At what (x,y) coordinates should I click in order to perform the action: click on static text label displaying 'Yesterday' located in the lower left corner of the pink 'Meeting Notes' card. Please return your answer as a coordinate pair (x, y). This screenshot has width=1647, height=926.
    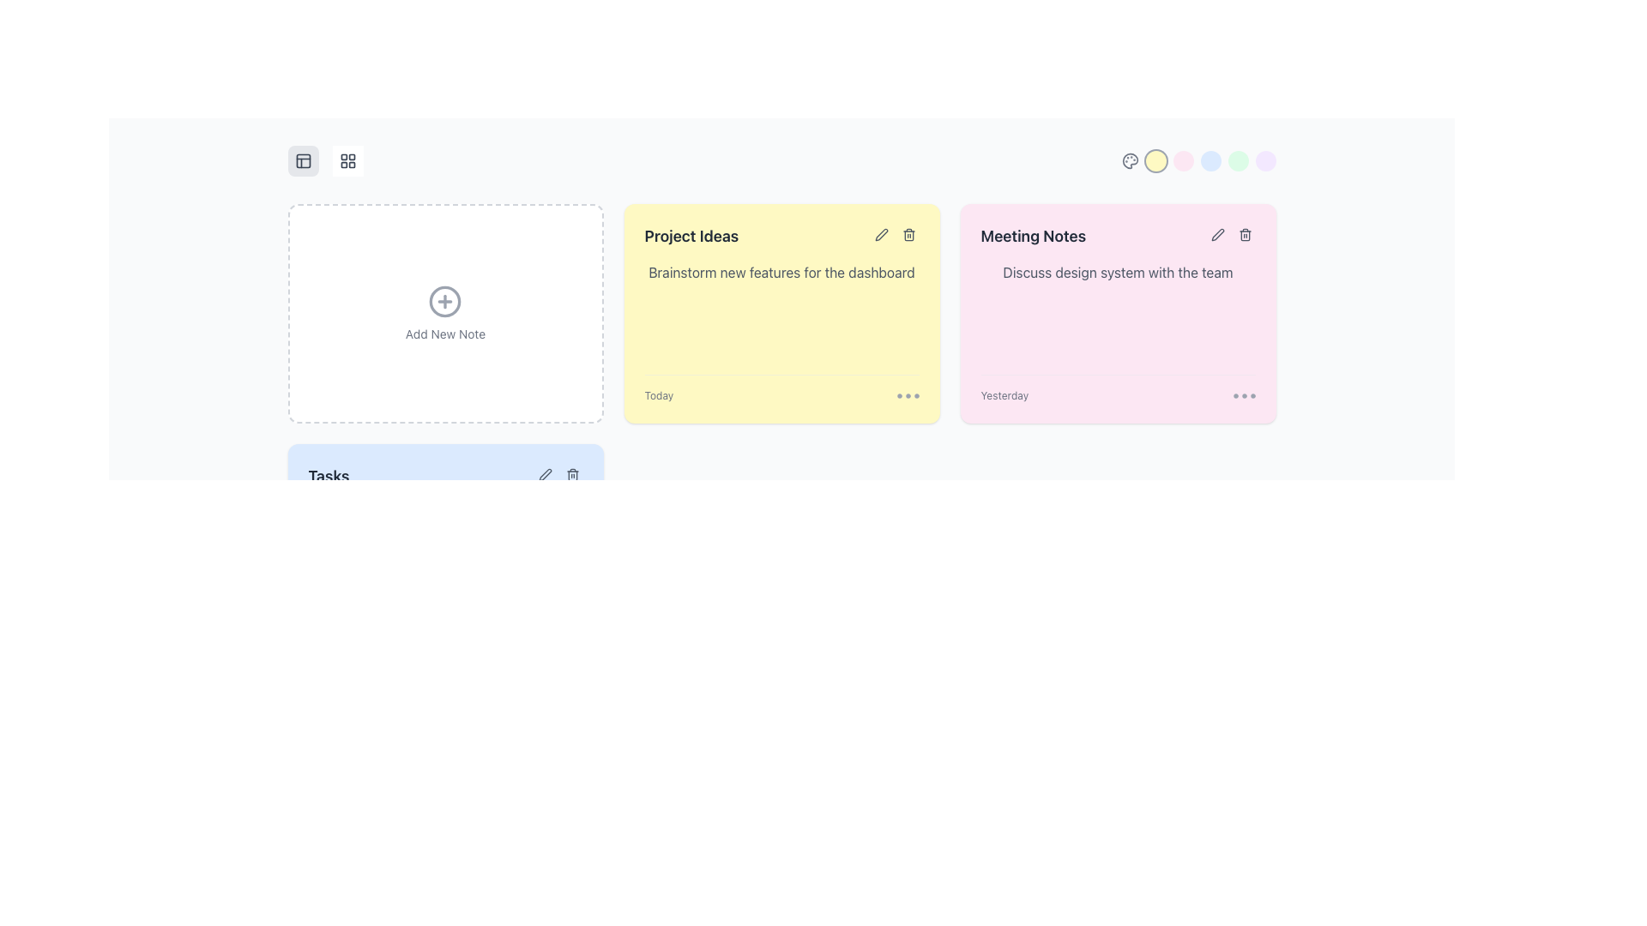
    Looking at the image, I should click on (1004, 396).